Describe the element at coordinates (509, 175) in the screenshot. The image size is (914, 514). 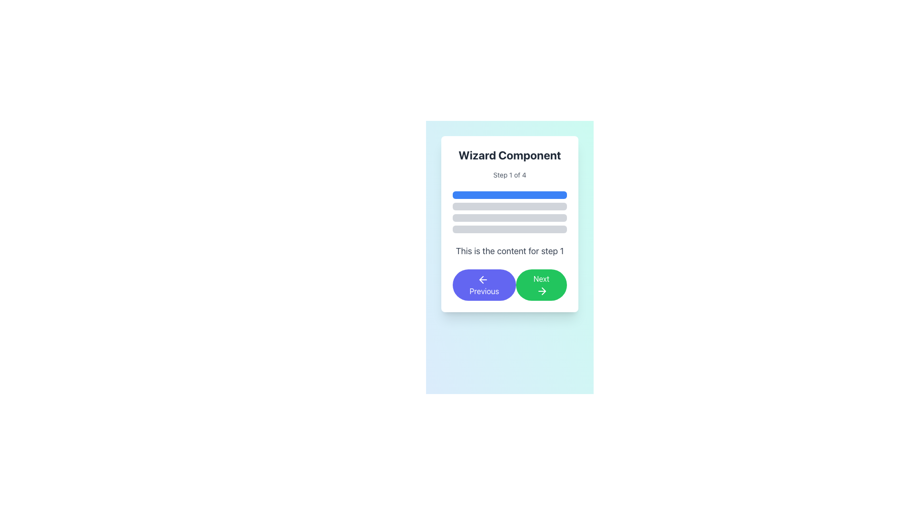
I see `the Text Label indicating current progression in the Wizard Component, positioned below the heading and above the progress bars` at that location.